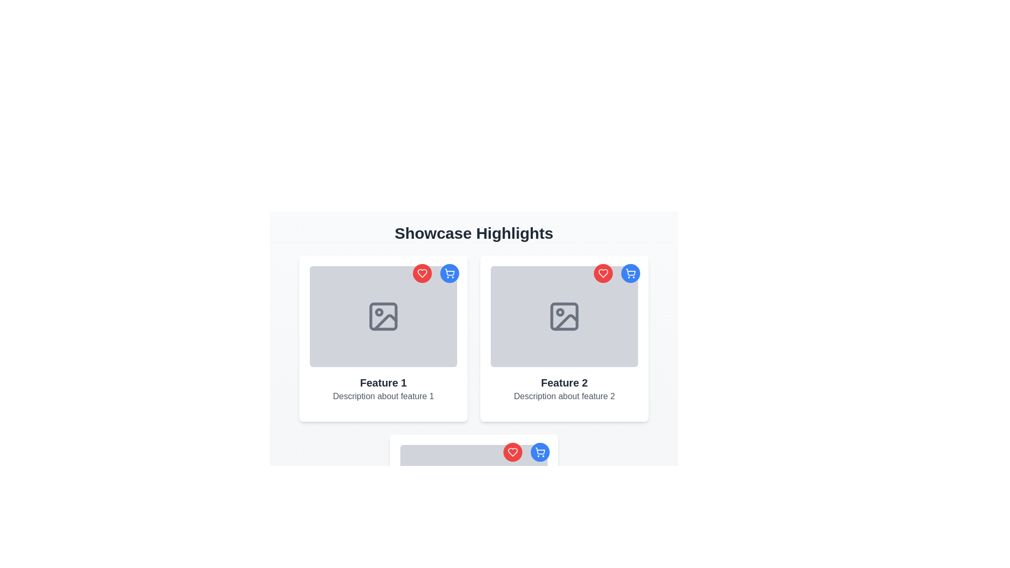 This screenshot has width=1010, height=568. I want to click on the circular blue button with a shopping cart icon located in the top-right corner of the 'Feature 1' showcase card to observe its hover effect, so click(449, 273).